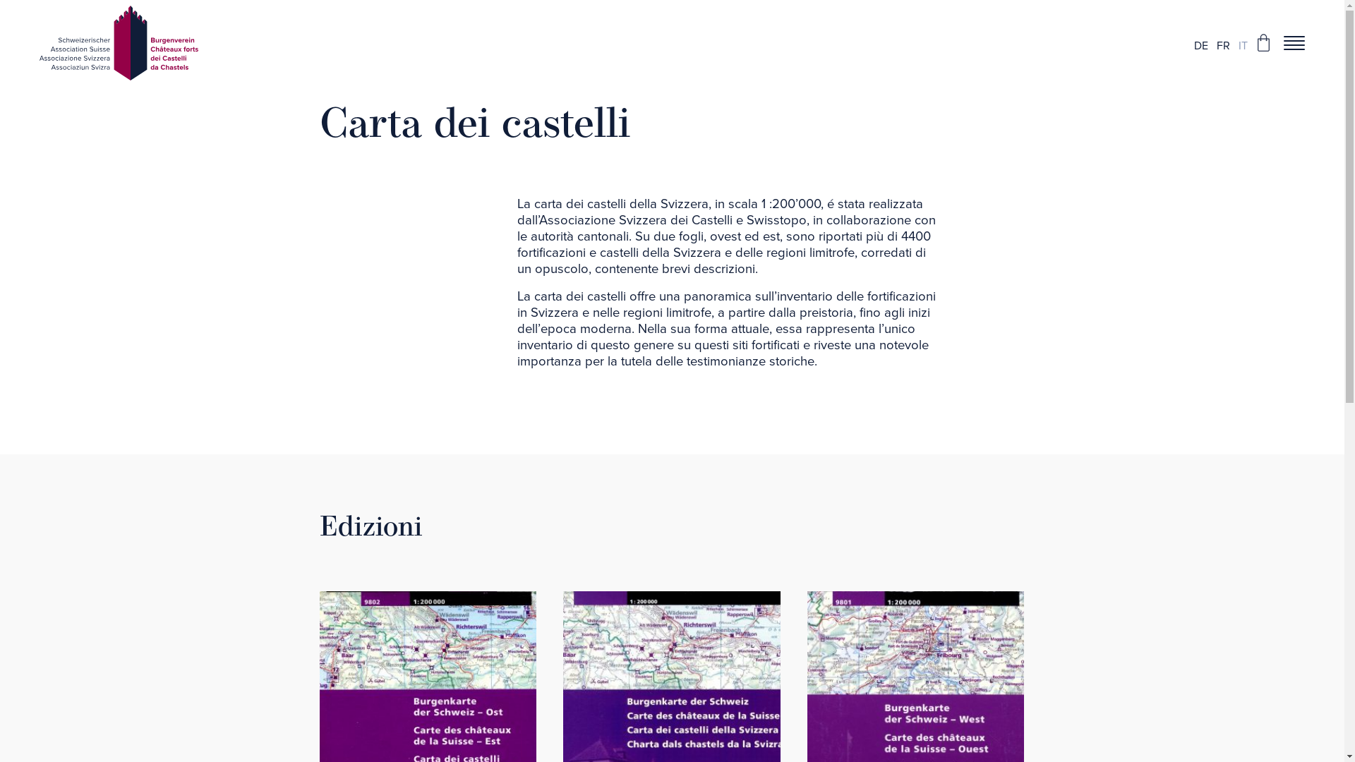 This screenshot has width=1355, height=762. Describe the element at coordinates (1222, 42) in the screenshot. I see `'FR'` at that location.